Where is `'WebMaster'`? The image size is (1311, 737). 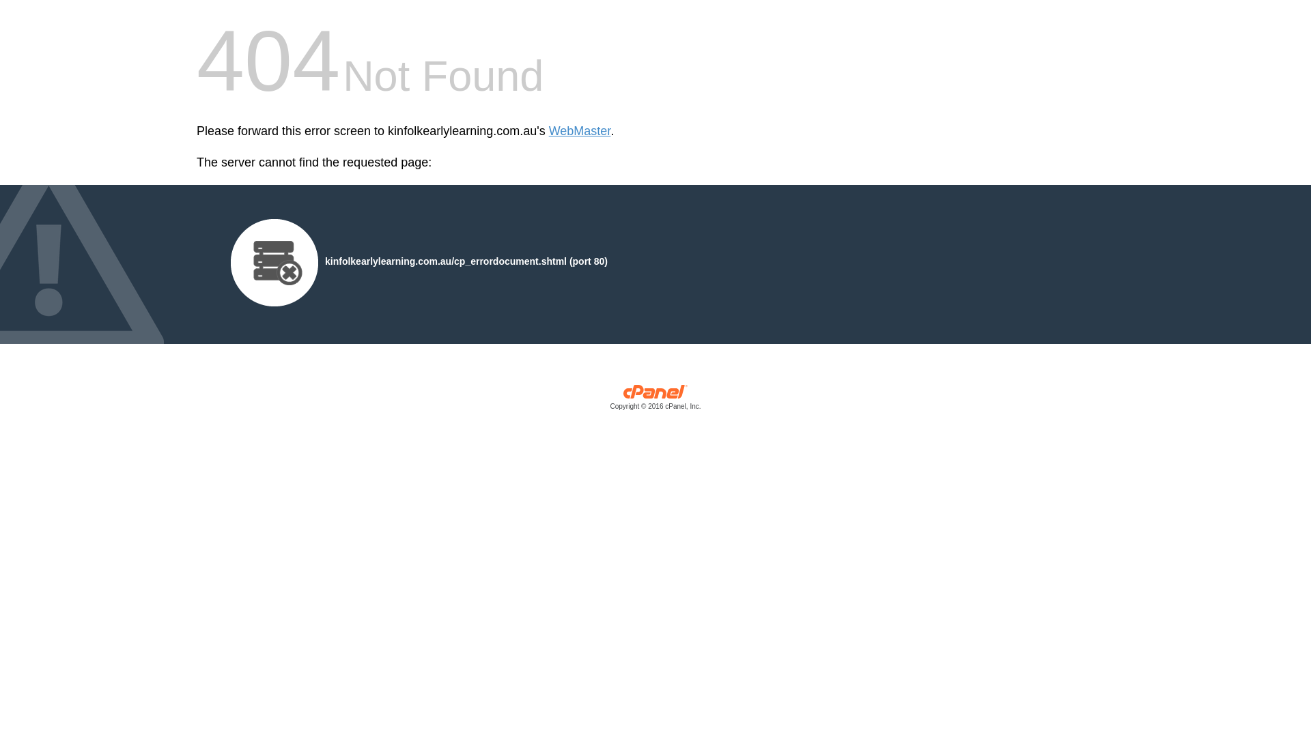
'WebMaster' is located at coordinates (580, 131).